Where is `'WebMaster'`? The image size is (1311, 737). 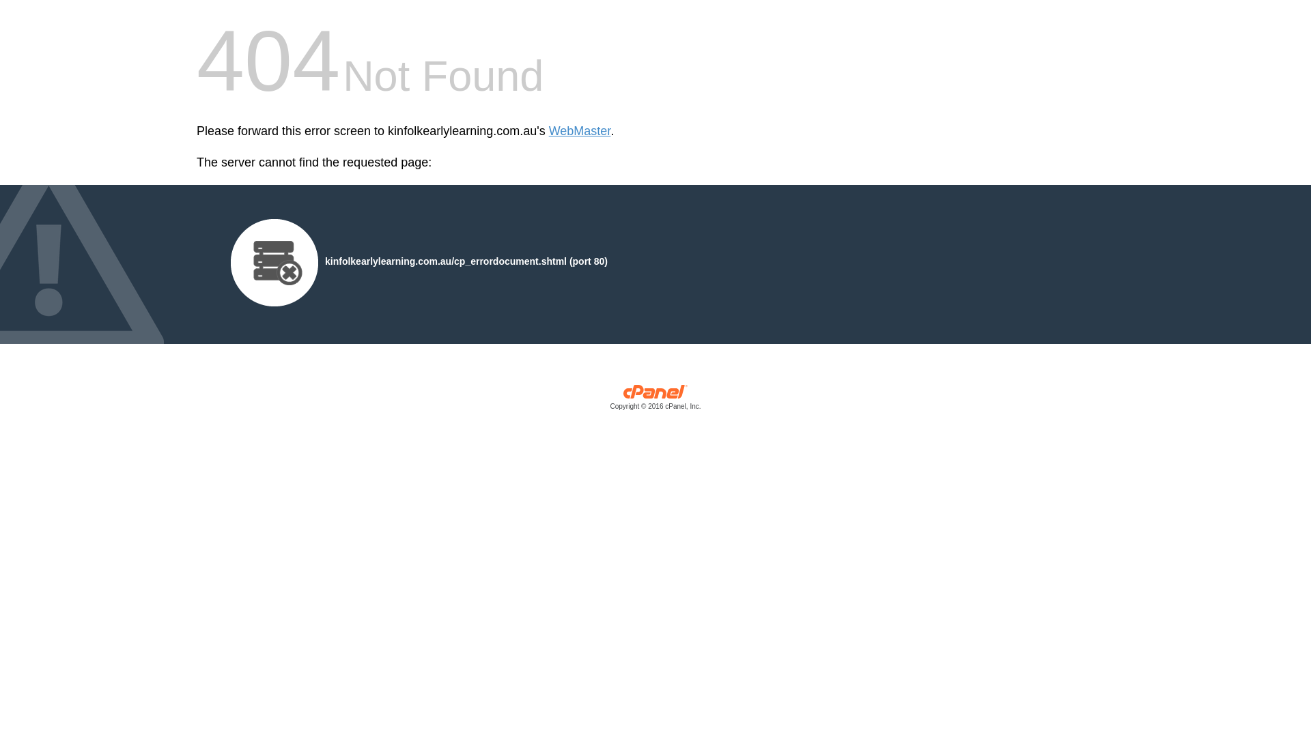
'WebMaster' is located at coordinates (580, 131).